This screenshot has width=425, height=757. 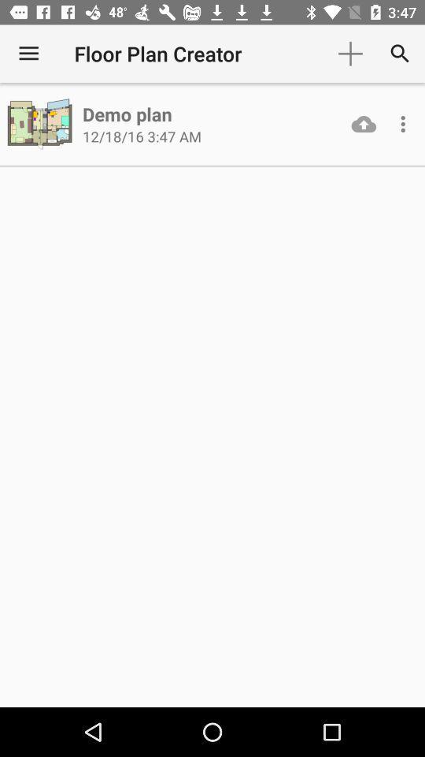 I want to click on options for demo plan, so click(x=403, y=123).